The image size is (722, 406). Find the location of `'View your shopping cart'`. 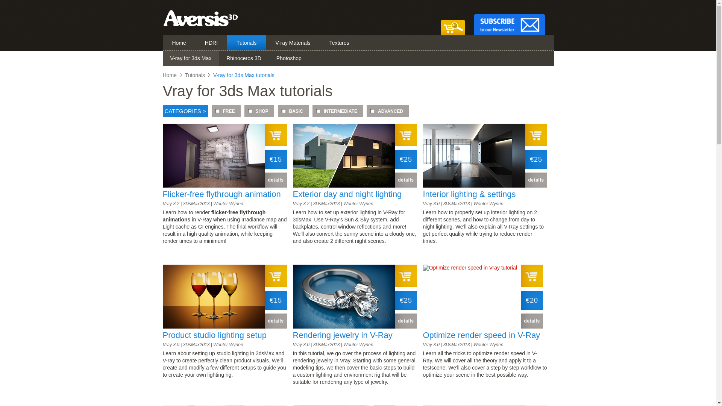

'View your shopping cart' is located at coordinates (440, 17).